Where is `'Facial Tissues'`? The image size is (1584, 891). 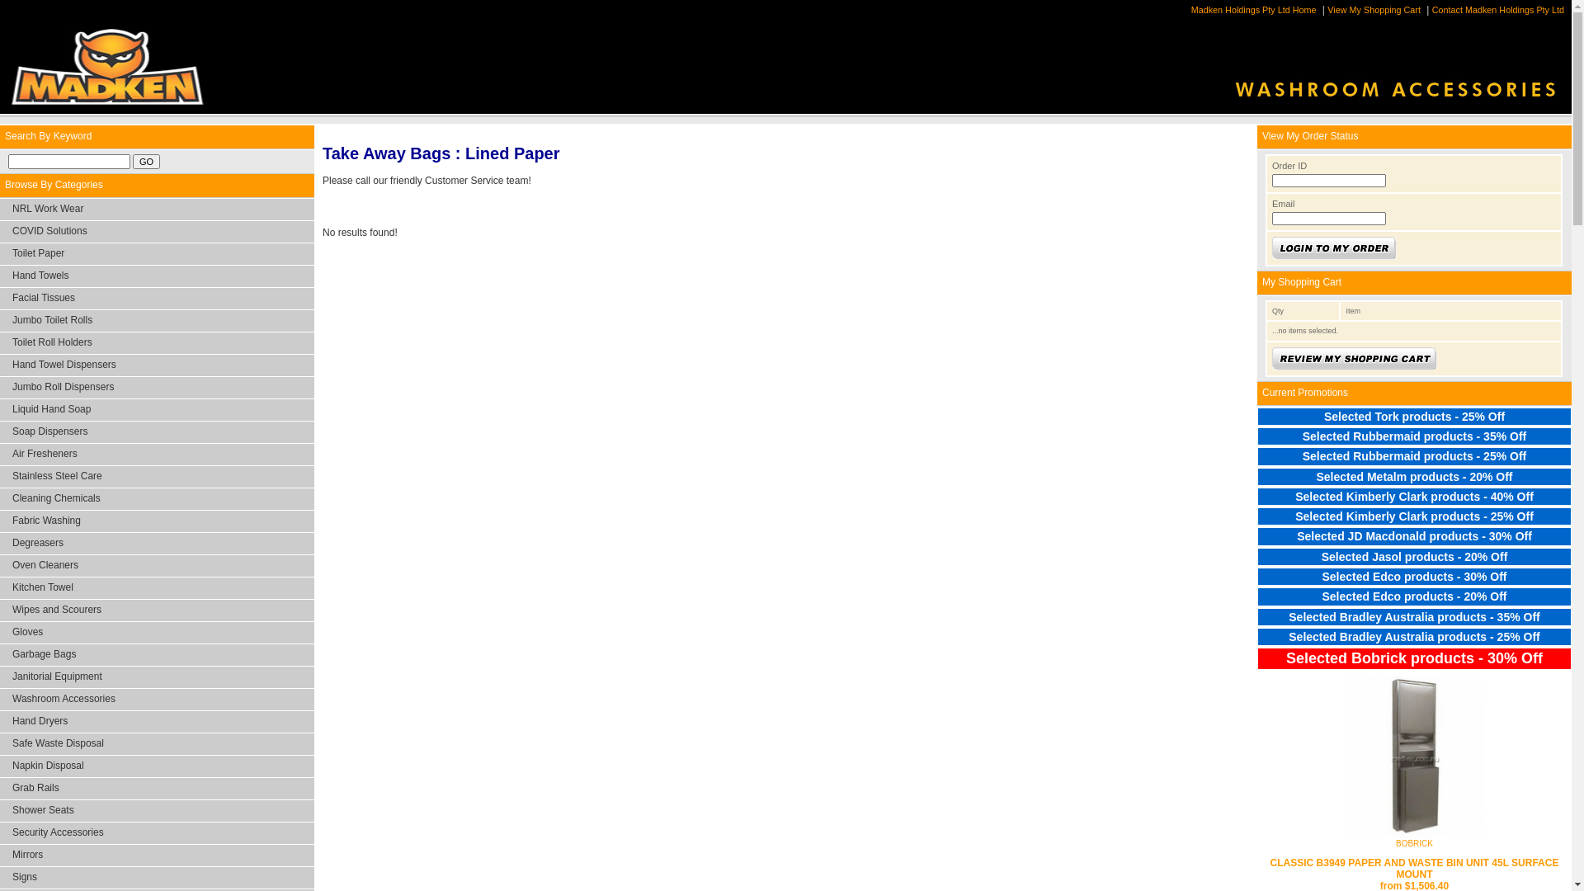 'Facial Tissues' is located at coordinates (157, 299).